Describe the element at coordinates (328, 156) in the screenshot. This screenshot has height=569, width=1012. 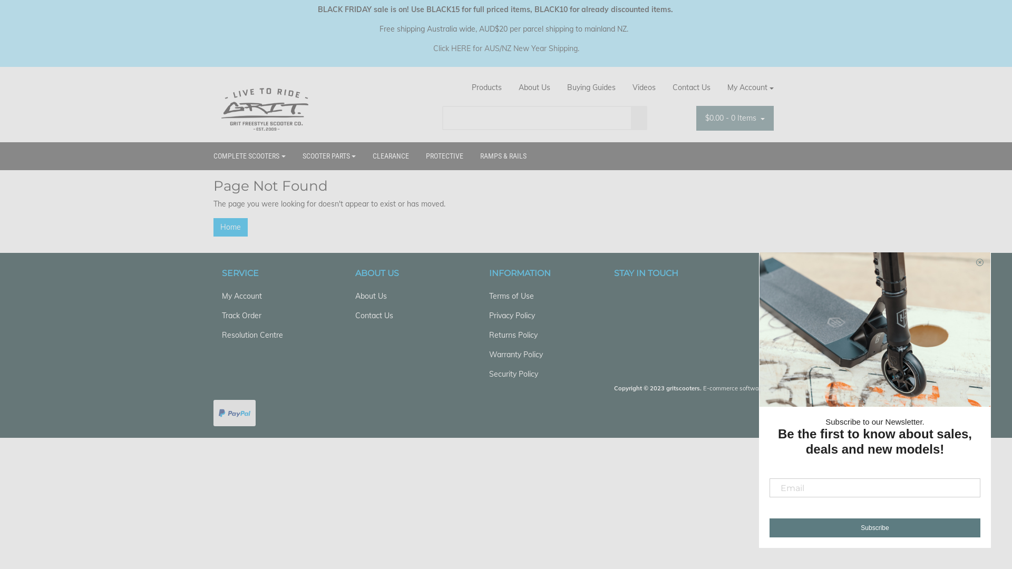
I see `'SCOOTER PARTS'` at that location.